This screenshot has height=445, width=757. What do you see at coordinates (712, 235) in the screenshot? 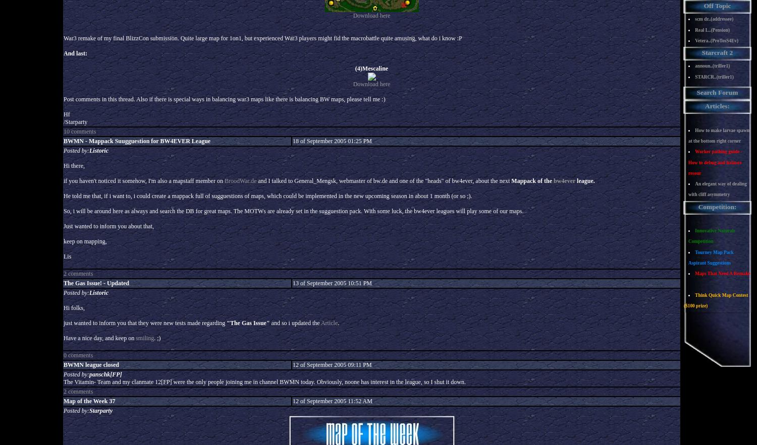
I see `'Innovative Naturals Competition'` at bounding box center [712, 235].